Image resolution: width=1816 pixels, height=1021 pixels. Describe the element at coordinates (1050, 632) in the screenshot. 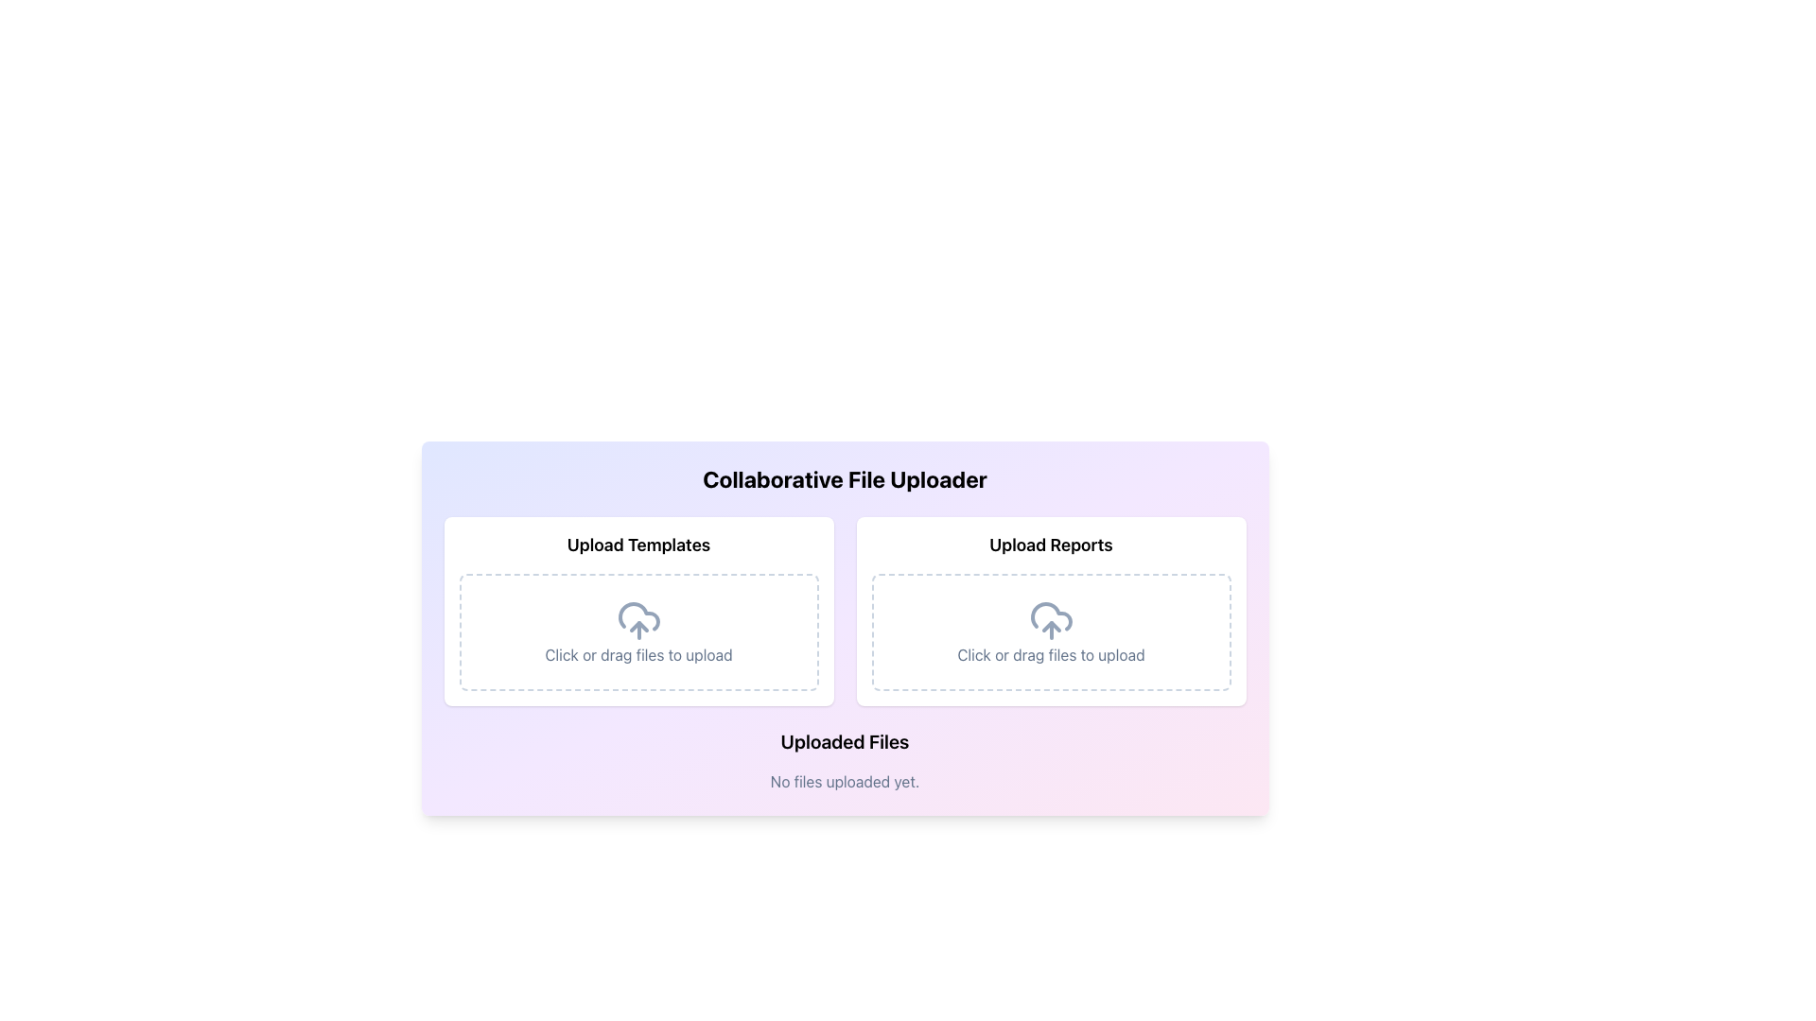

I see `the File upload interface located in the 'Upload Reports' section` at that location.